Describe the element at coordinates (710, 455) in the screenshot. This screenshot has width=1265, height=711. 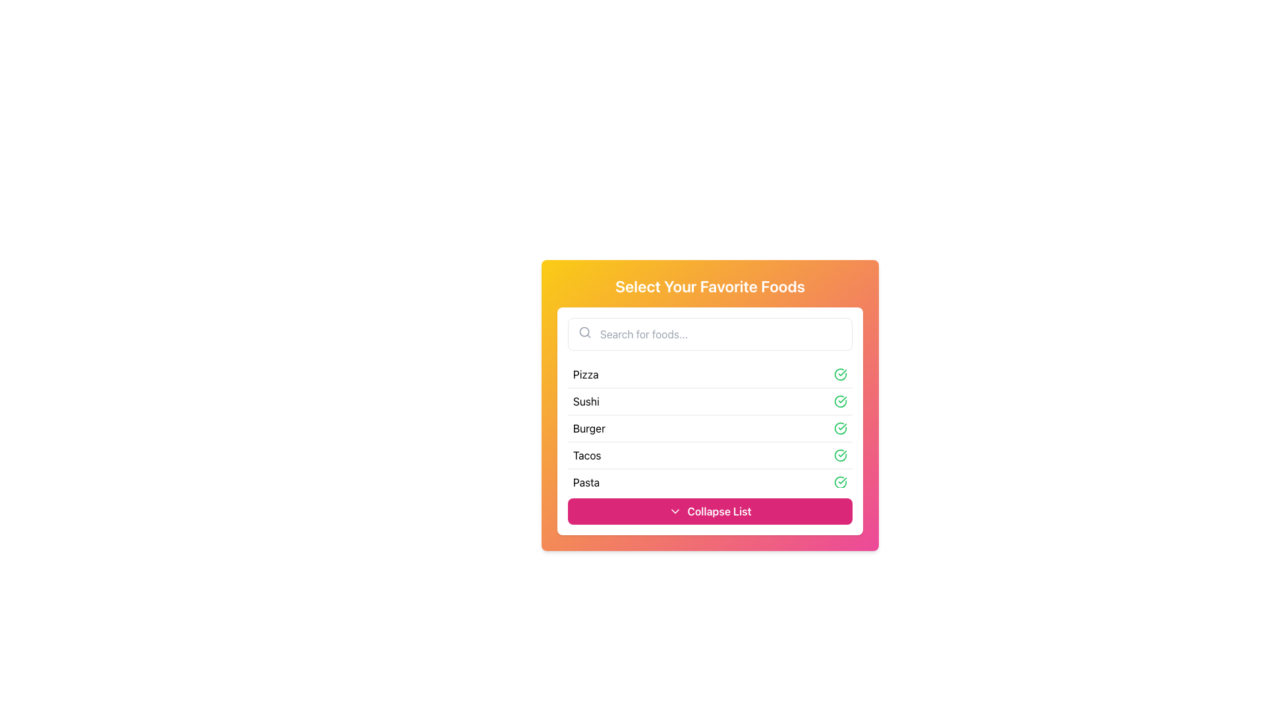
I see `the 'Tacos' option in the list under 'Select Your Favorite Foods'` at that location.